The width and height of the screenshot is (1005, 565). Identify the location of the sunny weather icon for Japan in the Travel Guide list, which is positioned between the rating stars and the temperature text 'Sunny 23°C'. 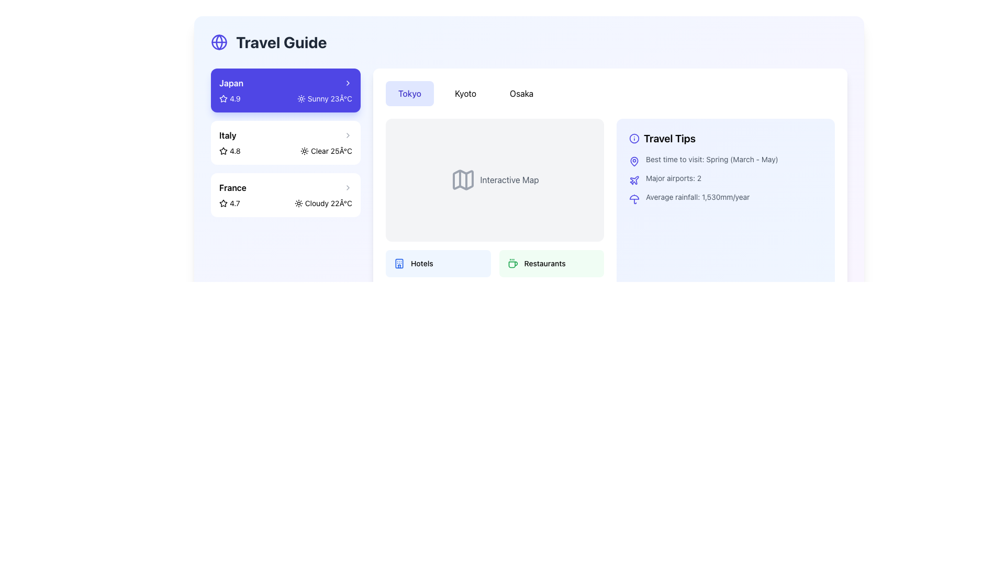
(300, 99).